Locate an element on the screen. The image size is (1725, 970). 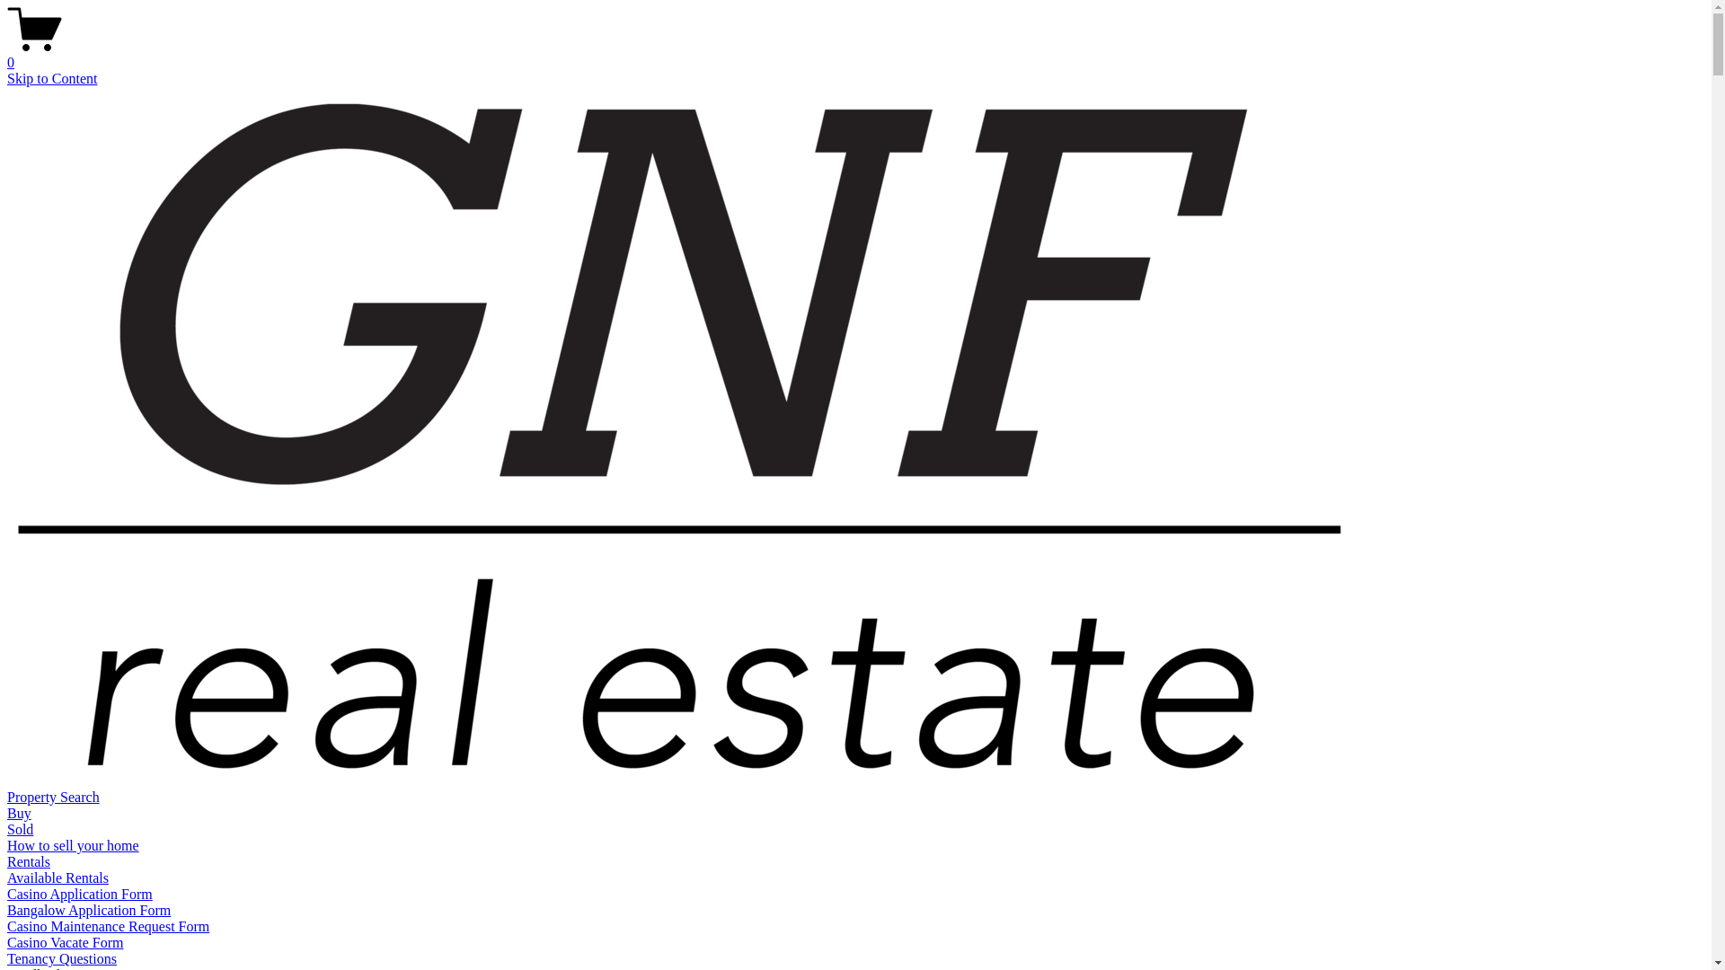
'0' is located at coordinates (854, 54).